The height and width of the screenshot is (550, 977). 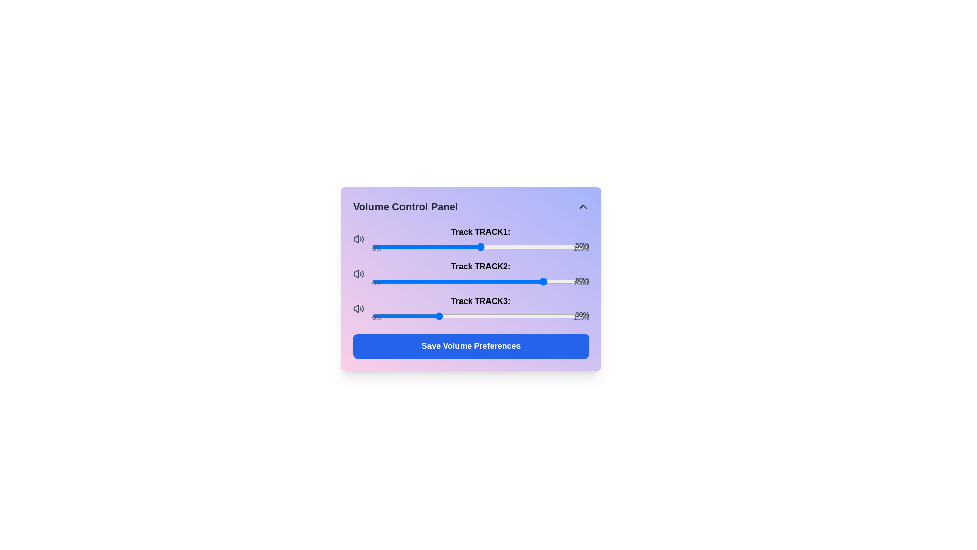 What do you see at coordinates (359, 273) in the screenshot?
I see `the speaker icon located next to the text 'Track TRACK2:' in the volume control panel` at bounding box center [359, 273].